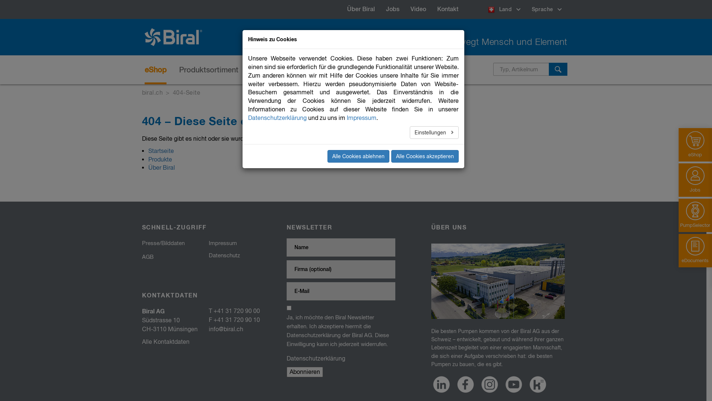  I want to click on 'Produkte', so click(160, 159).